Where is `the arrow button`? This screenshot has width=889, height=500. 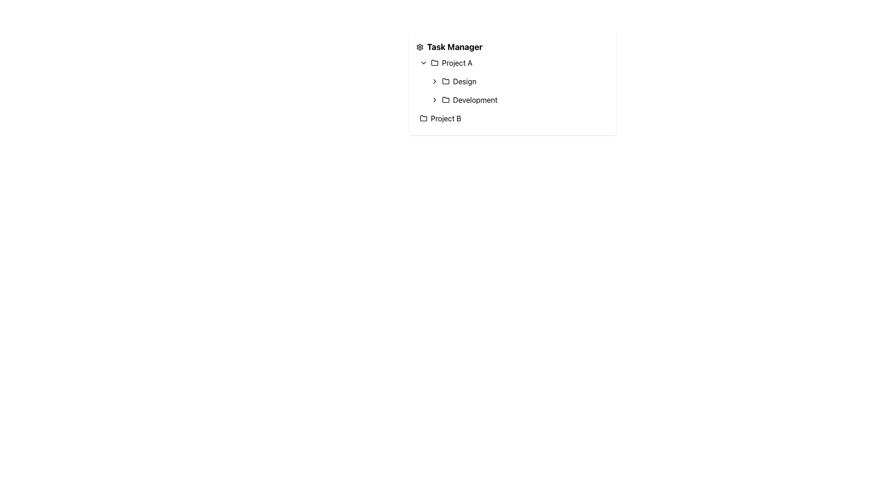 the arrow button is located at coordinates (434, 81).